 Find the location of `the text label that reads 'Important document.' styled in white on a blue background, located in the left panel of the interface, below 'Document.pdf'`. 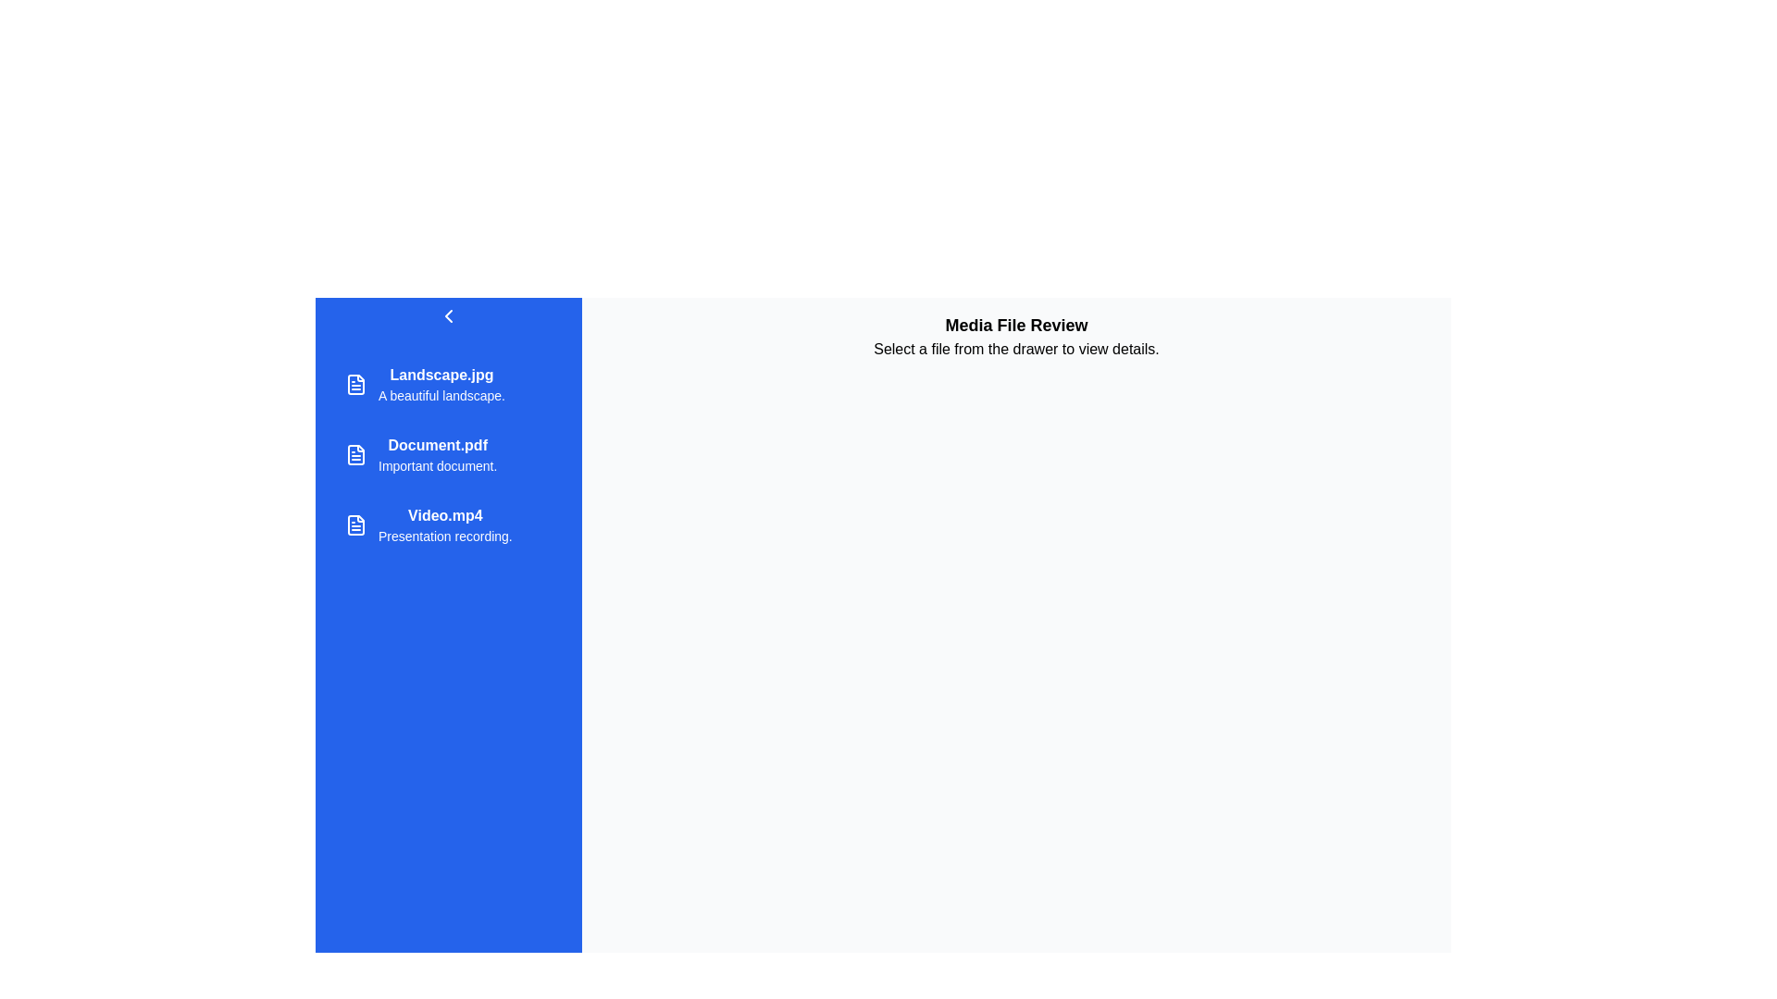

the text label that reads 'Important document.' styled in white on a blue background, located in the left panel of the interface, below 'Document.pdf' is located at coordinates (437, 465).